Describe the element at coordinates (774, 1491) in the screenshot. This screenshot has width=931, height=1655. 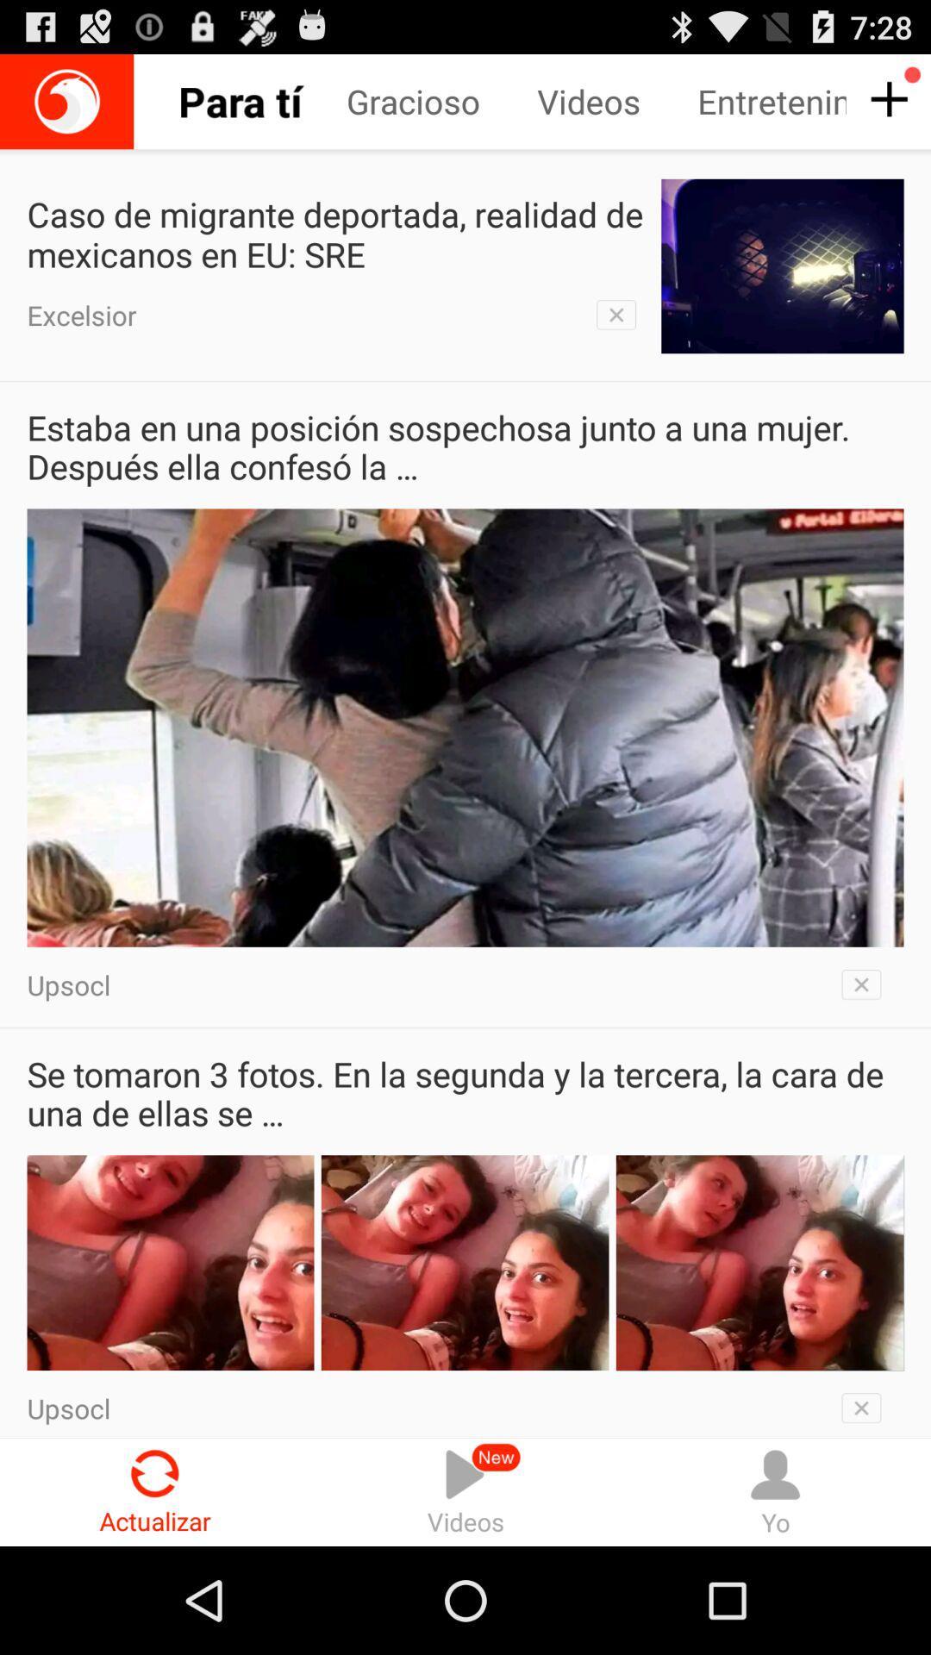
I see `yo item` at that location.